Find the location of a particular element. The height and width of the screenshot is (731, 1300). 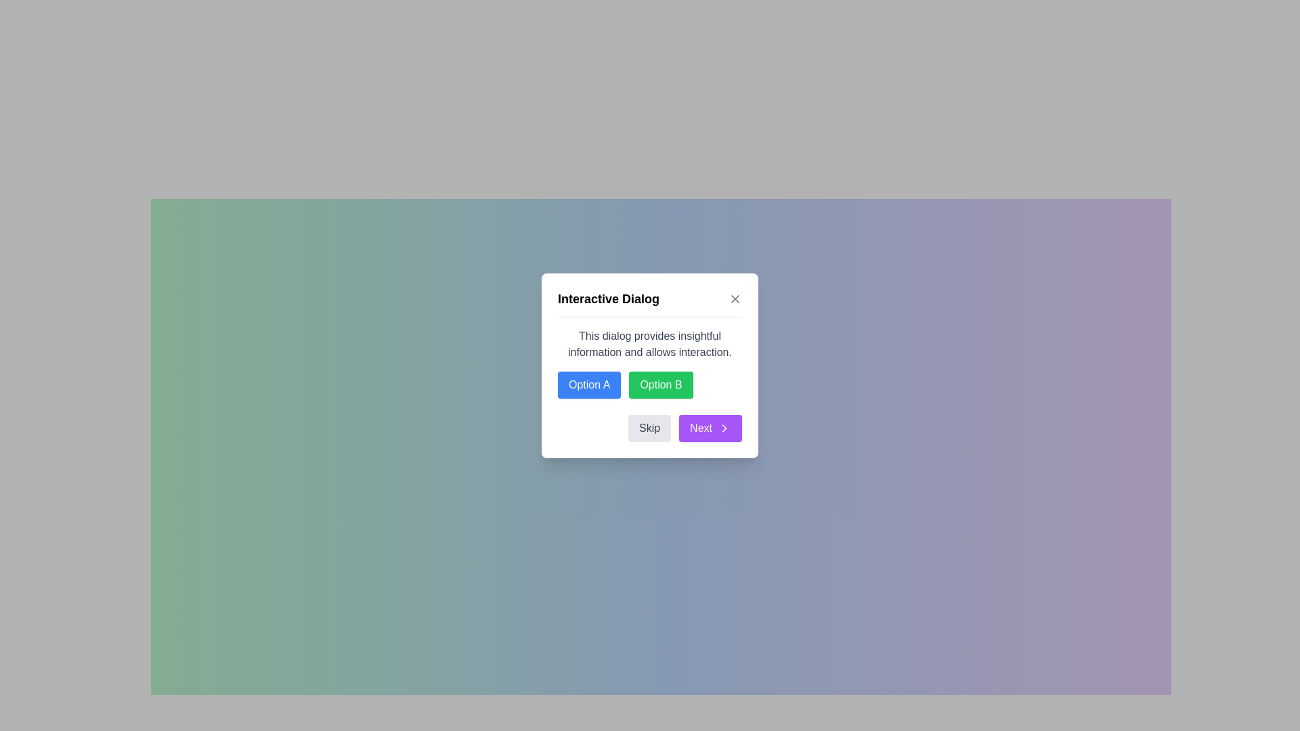

the title text of the dialog box, which identifies the dialog's purpose and is positioned at the top left of the interface is located at coordinates (607, 298).